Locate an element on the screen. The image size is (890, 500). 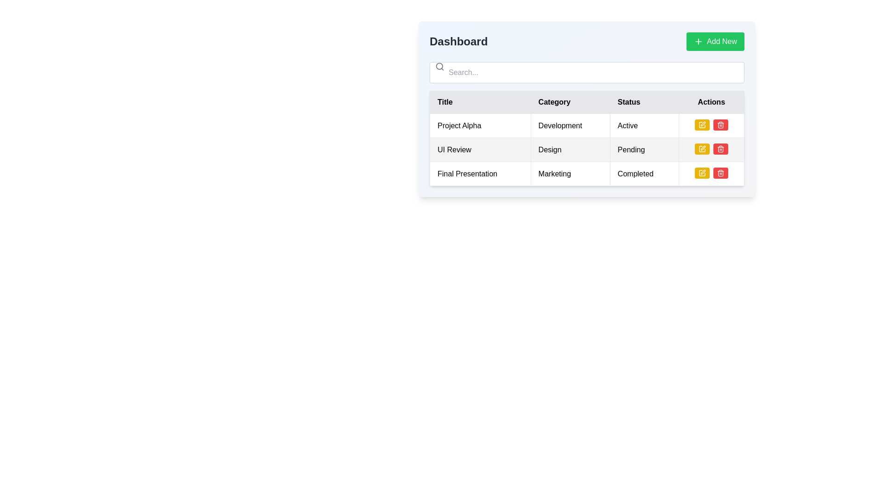
the delete button located in the 'Actions' column of the last row ('Final Presentation' row) in the displayed table is located at coordinates (720, 125).